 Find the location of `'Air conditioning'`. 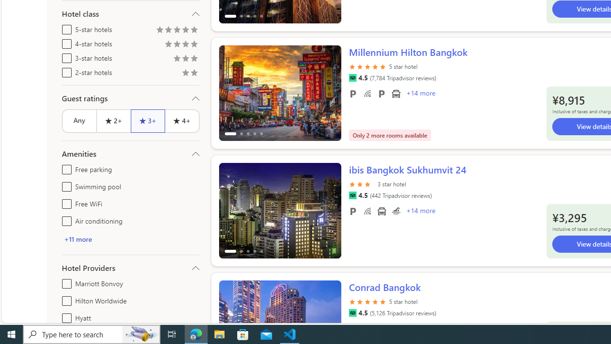

'Air conditioning' is located at coordinates (64, 219).